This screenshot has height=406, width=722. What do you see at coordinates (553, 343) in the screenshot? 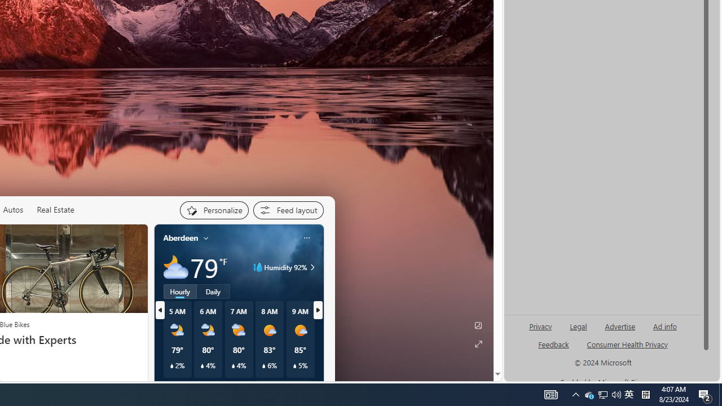
I see `'AutomationID: sb_feedback'` at bounding box center [553, 343].